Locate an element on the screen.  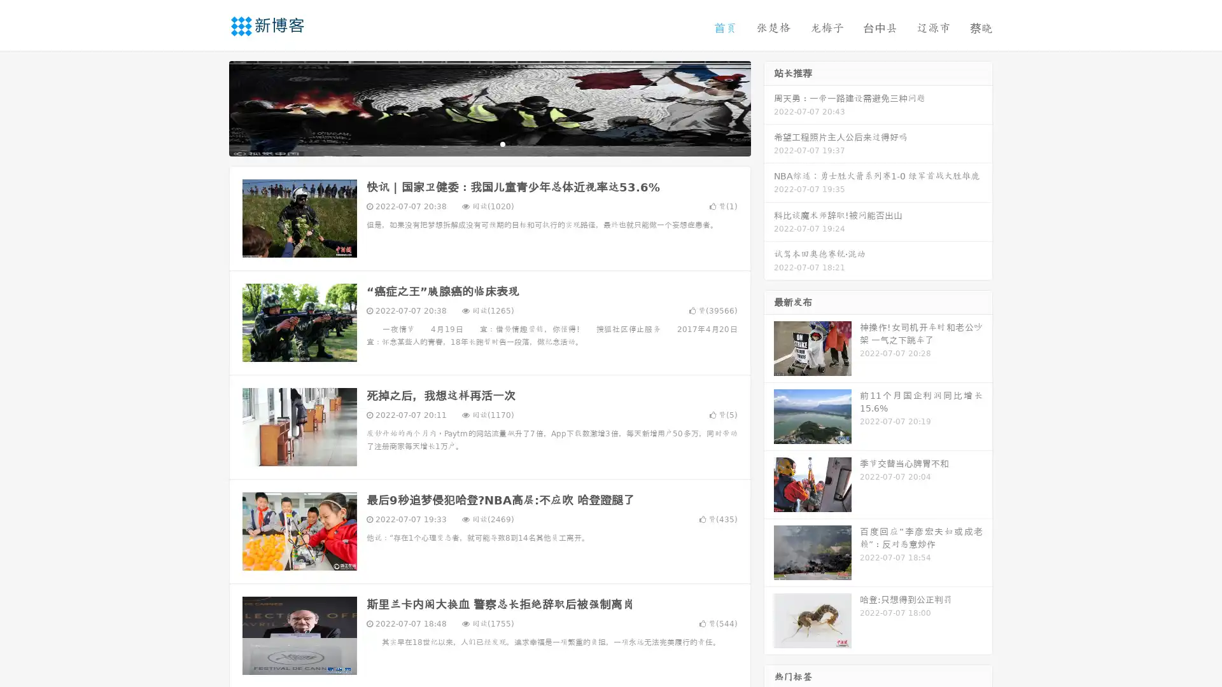
Go to slide 2 is located at coordinates (489, 143).